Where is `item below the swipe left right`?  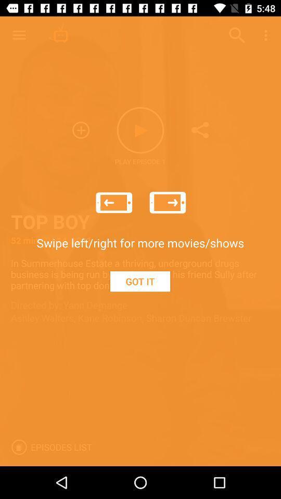
item below the swipe left right is located at coordinates (140, 281).